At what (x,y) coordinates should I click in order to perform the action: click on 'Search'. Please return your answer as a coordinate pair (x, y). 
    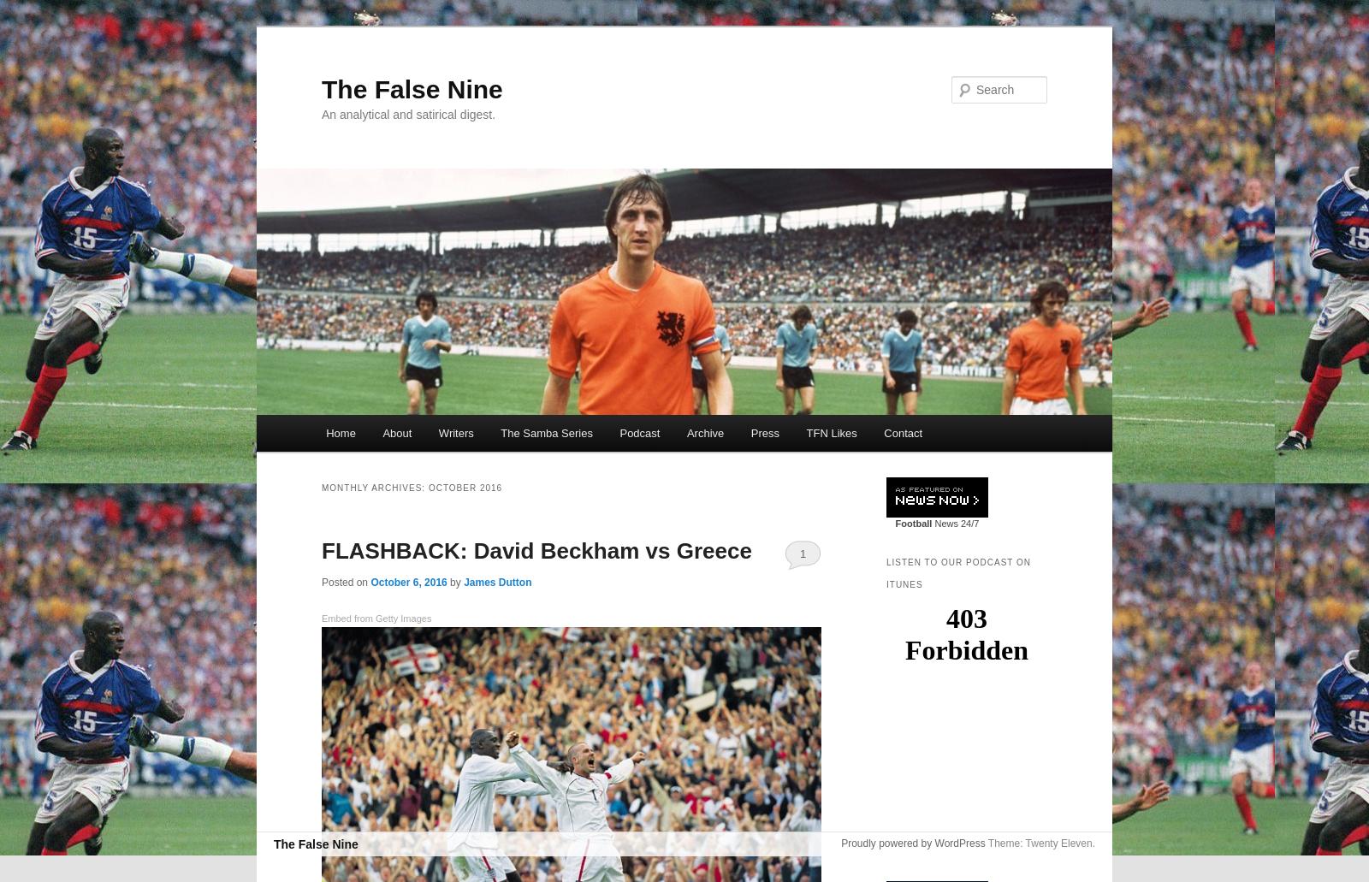
    Looking at the image, I should click on (1066, 86).